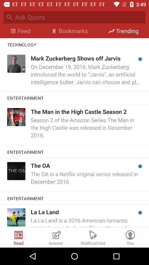 This screenshot has width=149, height=265. What do you see at coordinates (9, 17) in the screenshot?
I see `search icon` at bounding box center [9, 17].